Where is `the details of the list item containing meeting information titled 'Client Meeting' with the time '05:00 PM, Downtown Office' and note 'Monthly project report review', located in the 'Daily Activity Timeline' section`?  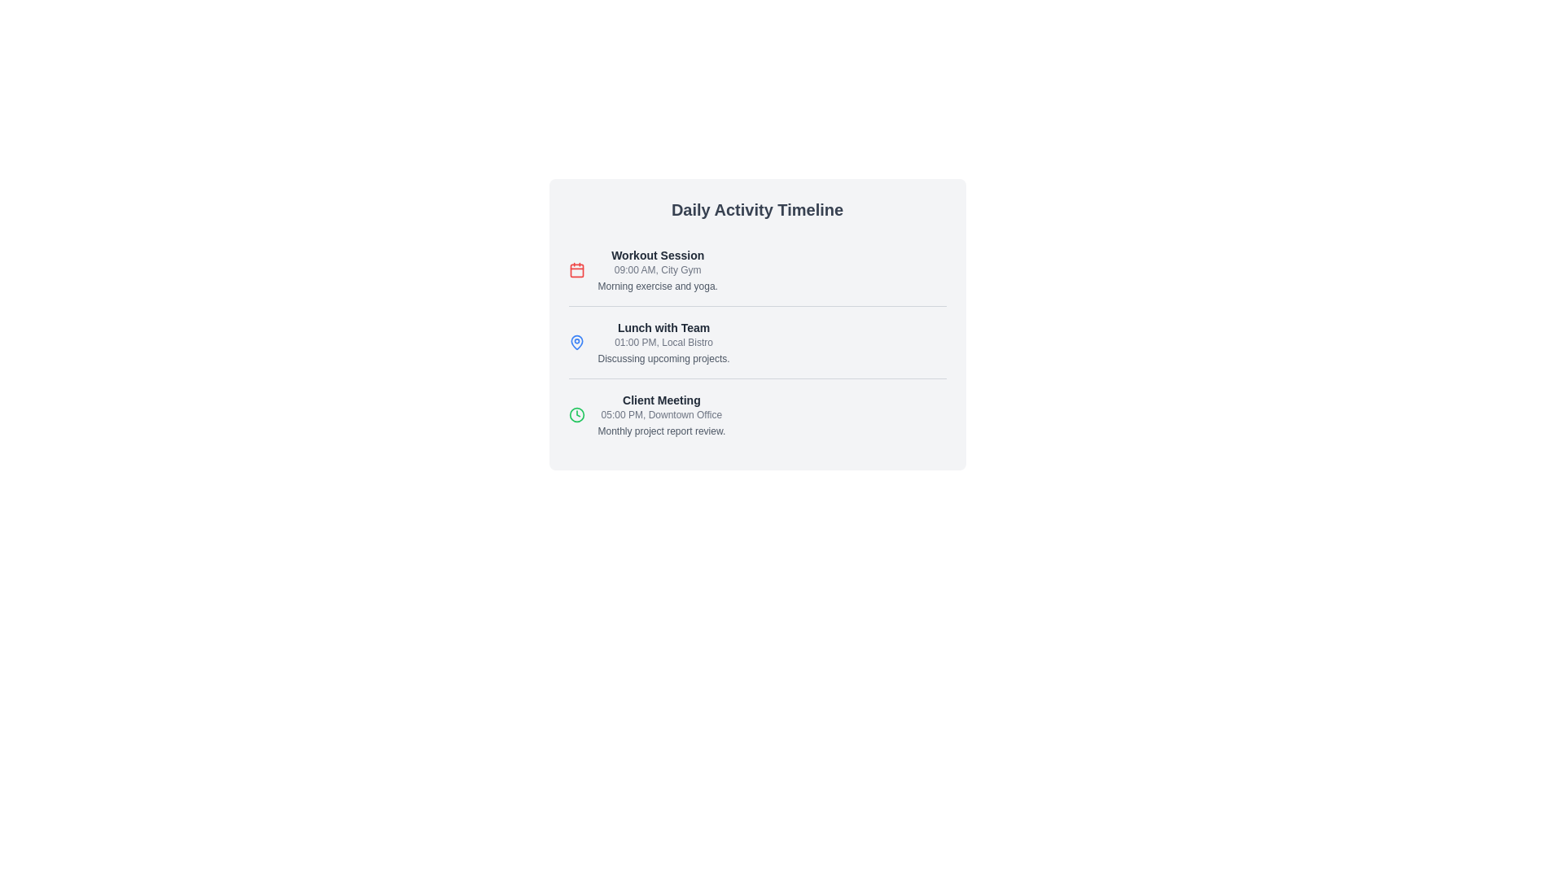 the details of the list item containing meeting information titled 'Client Meeting' with the time '05:00 PM, Downtown Office' and note 'Monthly project report review', located in the 'Daily Activity Timeline' section is located at coordinates (756, 413).